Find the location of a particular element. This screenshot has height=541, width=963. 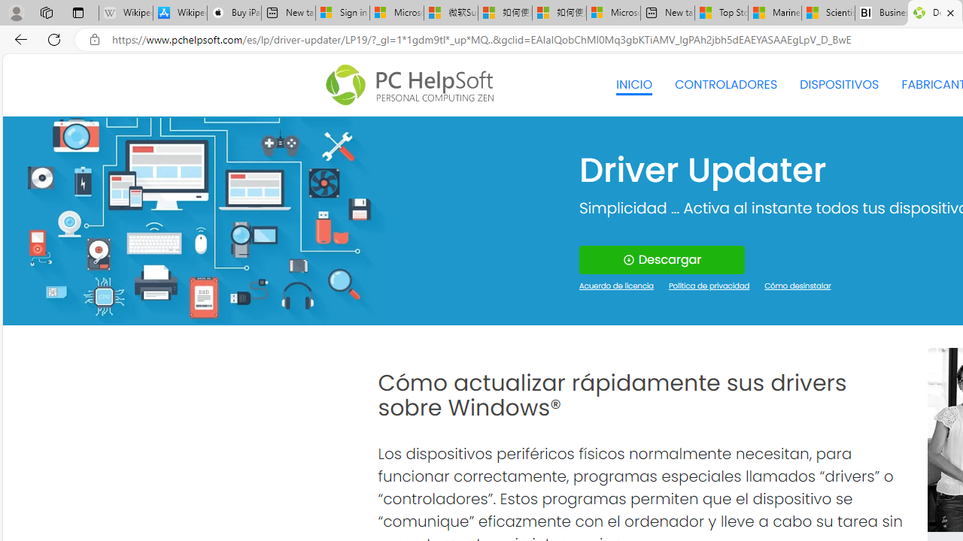

'Buy iPad - Apple' is located at coordinates (233, 13).